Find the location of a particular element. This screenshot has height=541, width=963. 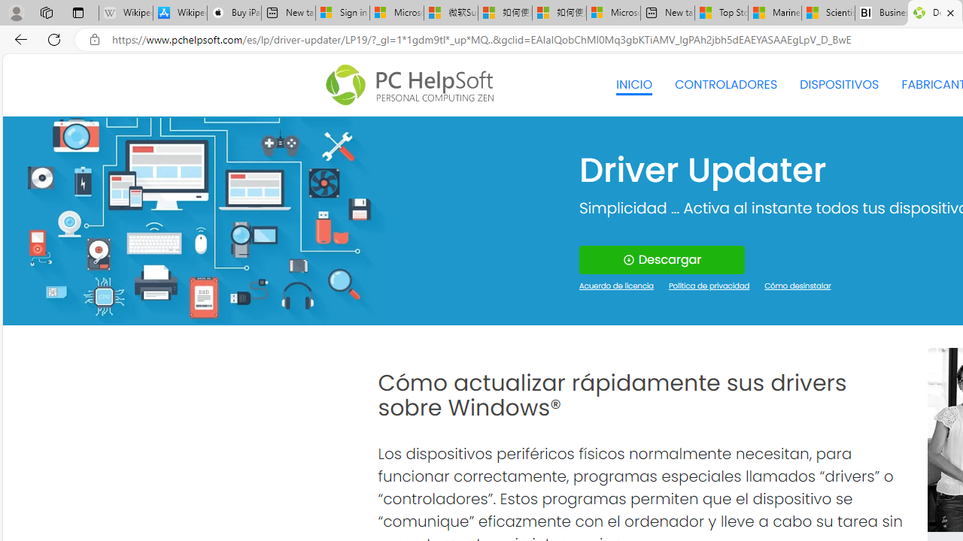

'Buy iPad - Apple' is located at coordinates (233, 13).